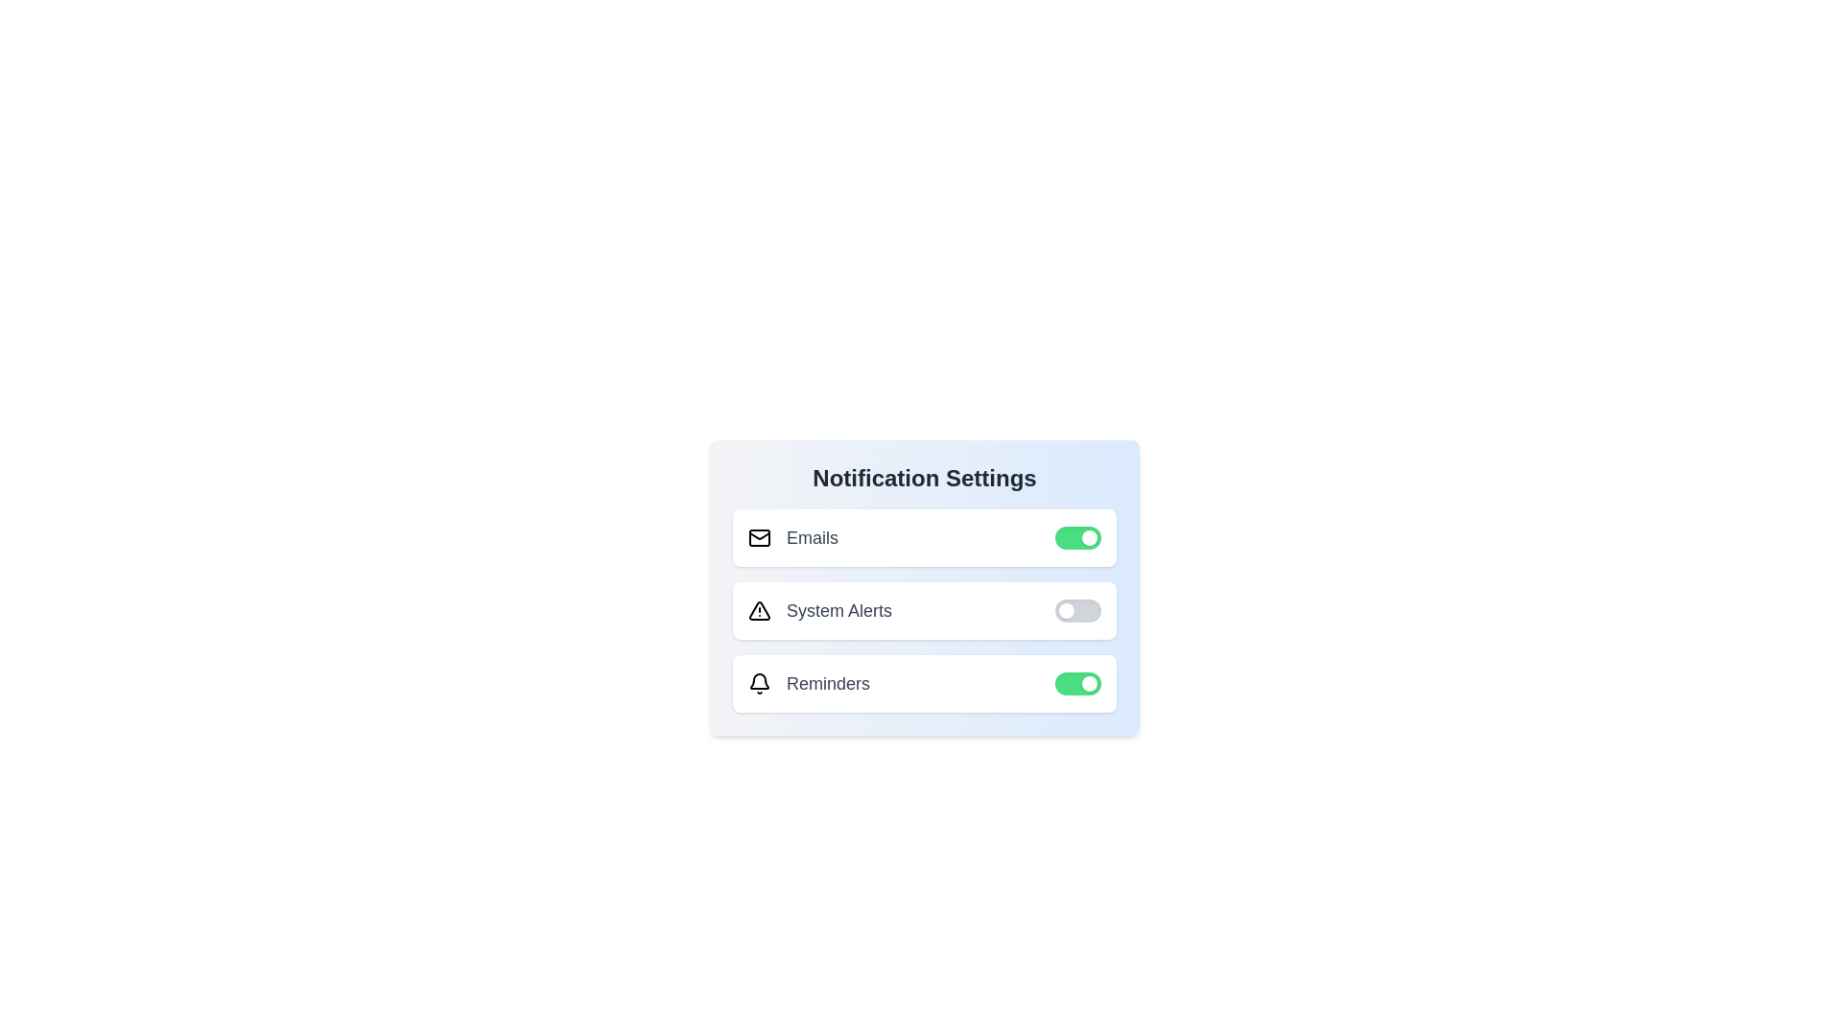  What do you see at coordinates (759, 683) in the screenshot?
I see `the notification icon for Reminders` at bounding box center [759, 683].